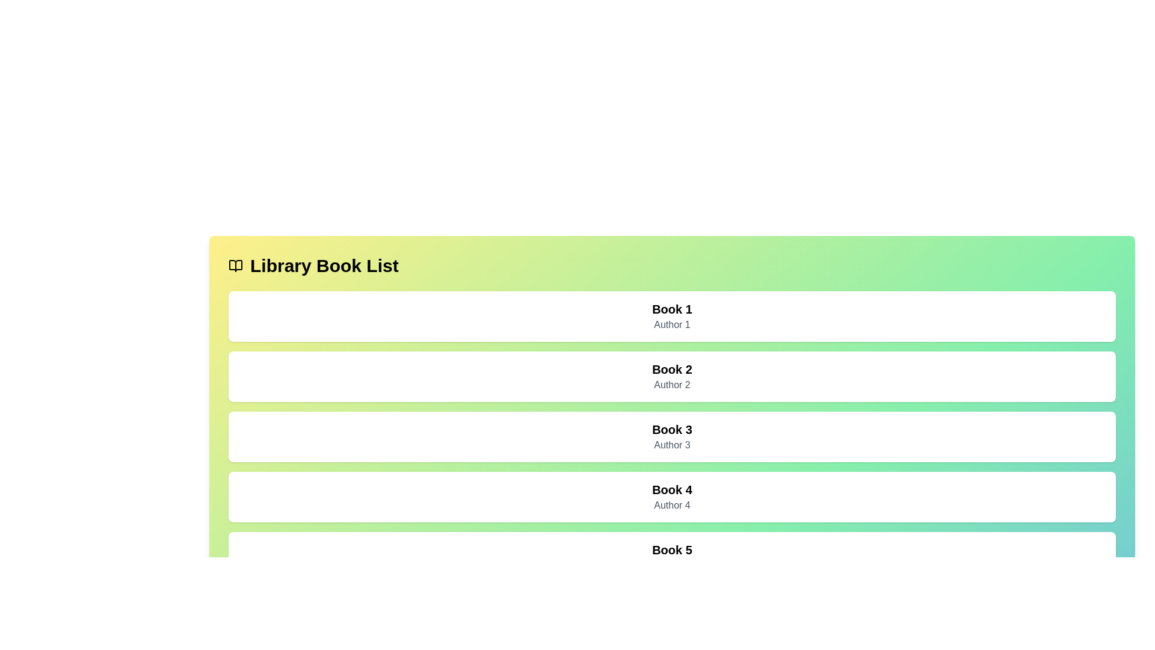 The image size is (1155, 650). What do you see at coordinates (236, 265) in the screenshot?
I see `the open book icon located to the left of the 'Library Book List' title in the header section` at bounding box center [236, 265].